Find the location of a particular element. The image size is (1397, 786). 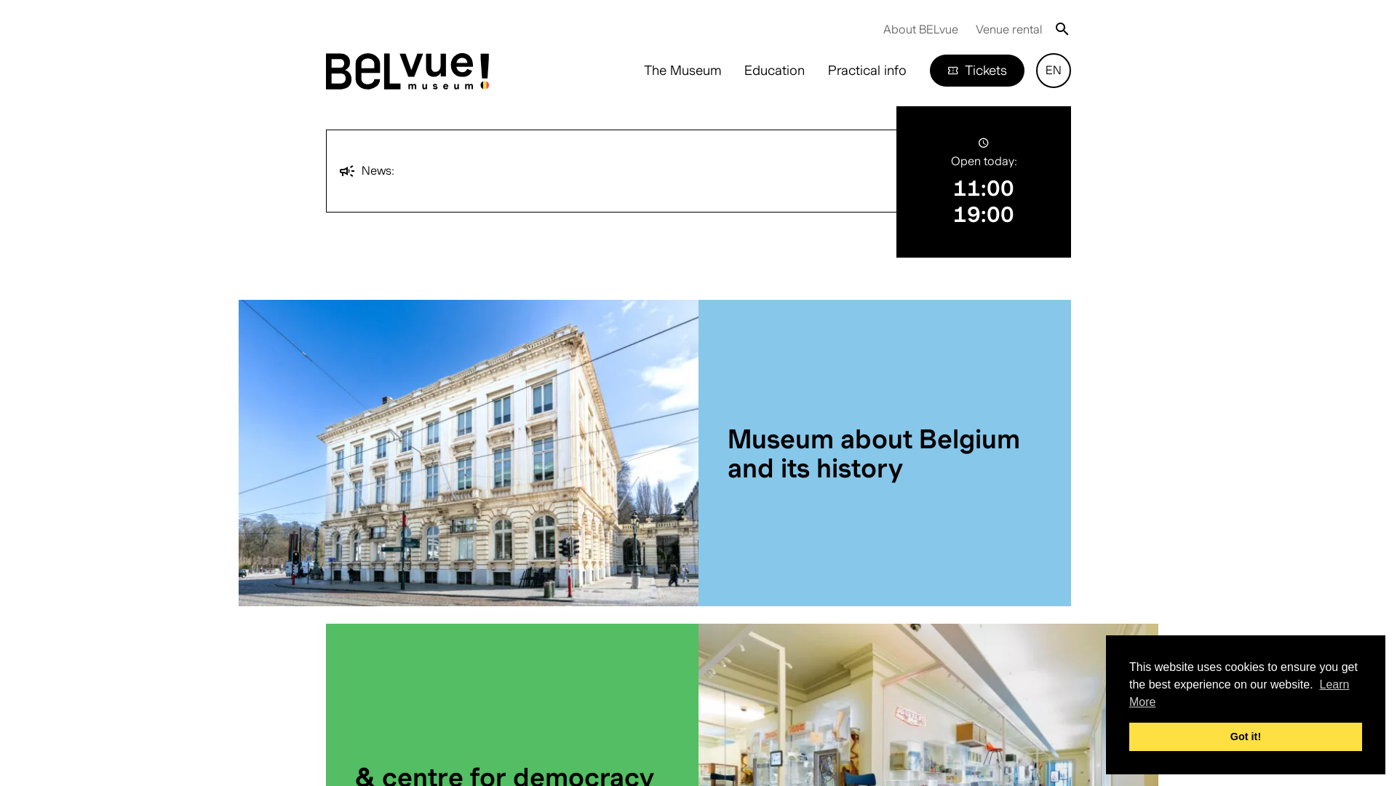

'Practical info' is located at coordinates (867, 70).